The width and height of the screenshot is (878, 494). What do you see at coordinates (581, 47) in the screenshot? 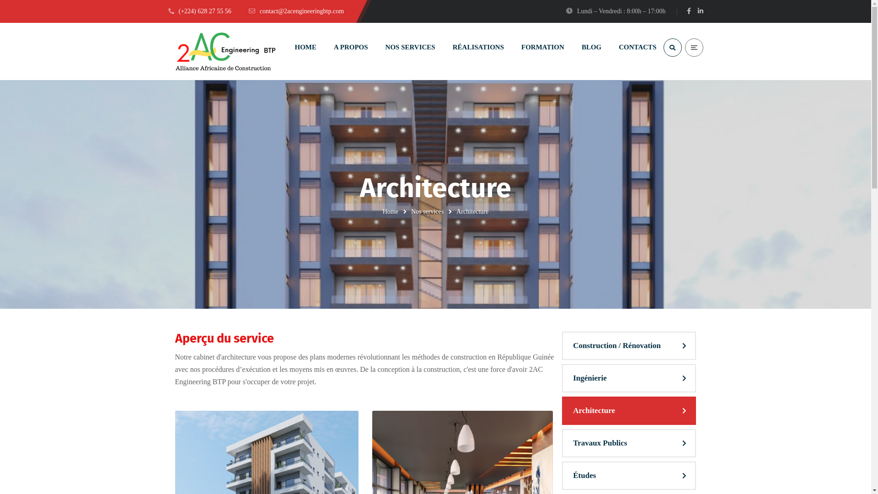
I see `'BLOG'` at bounding box center [581, 47].